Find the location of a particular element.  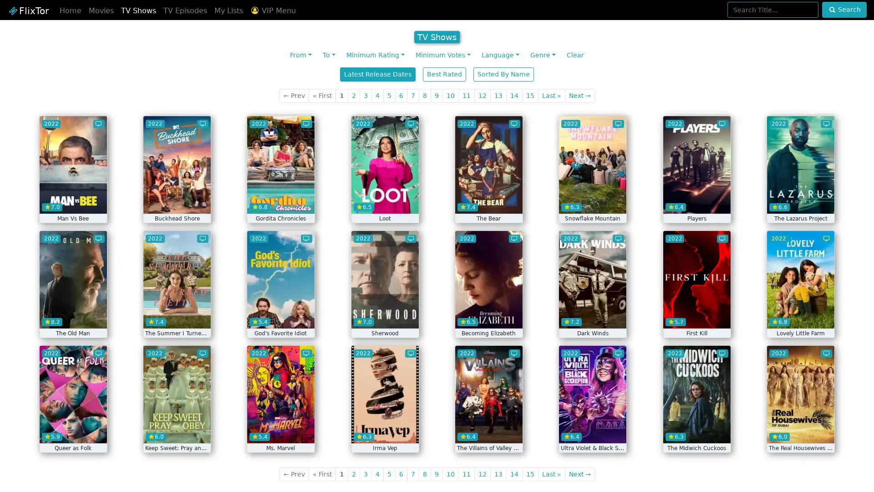

Watch Now is located at coordinates (280, 314).